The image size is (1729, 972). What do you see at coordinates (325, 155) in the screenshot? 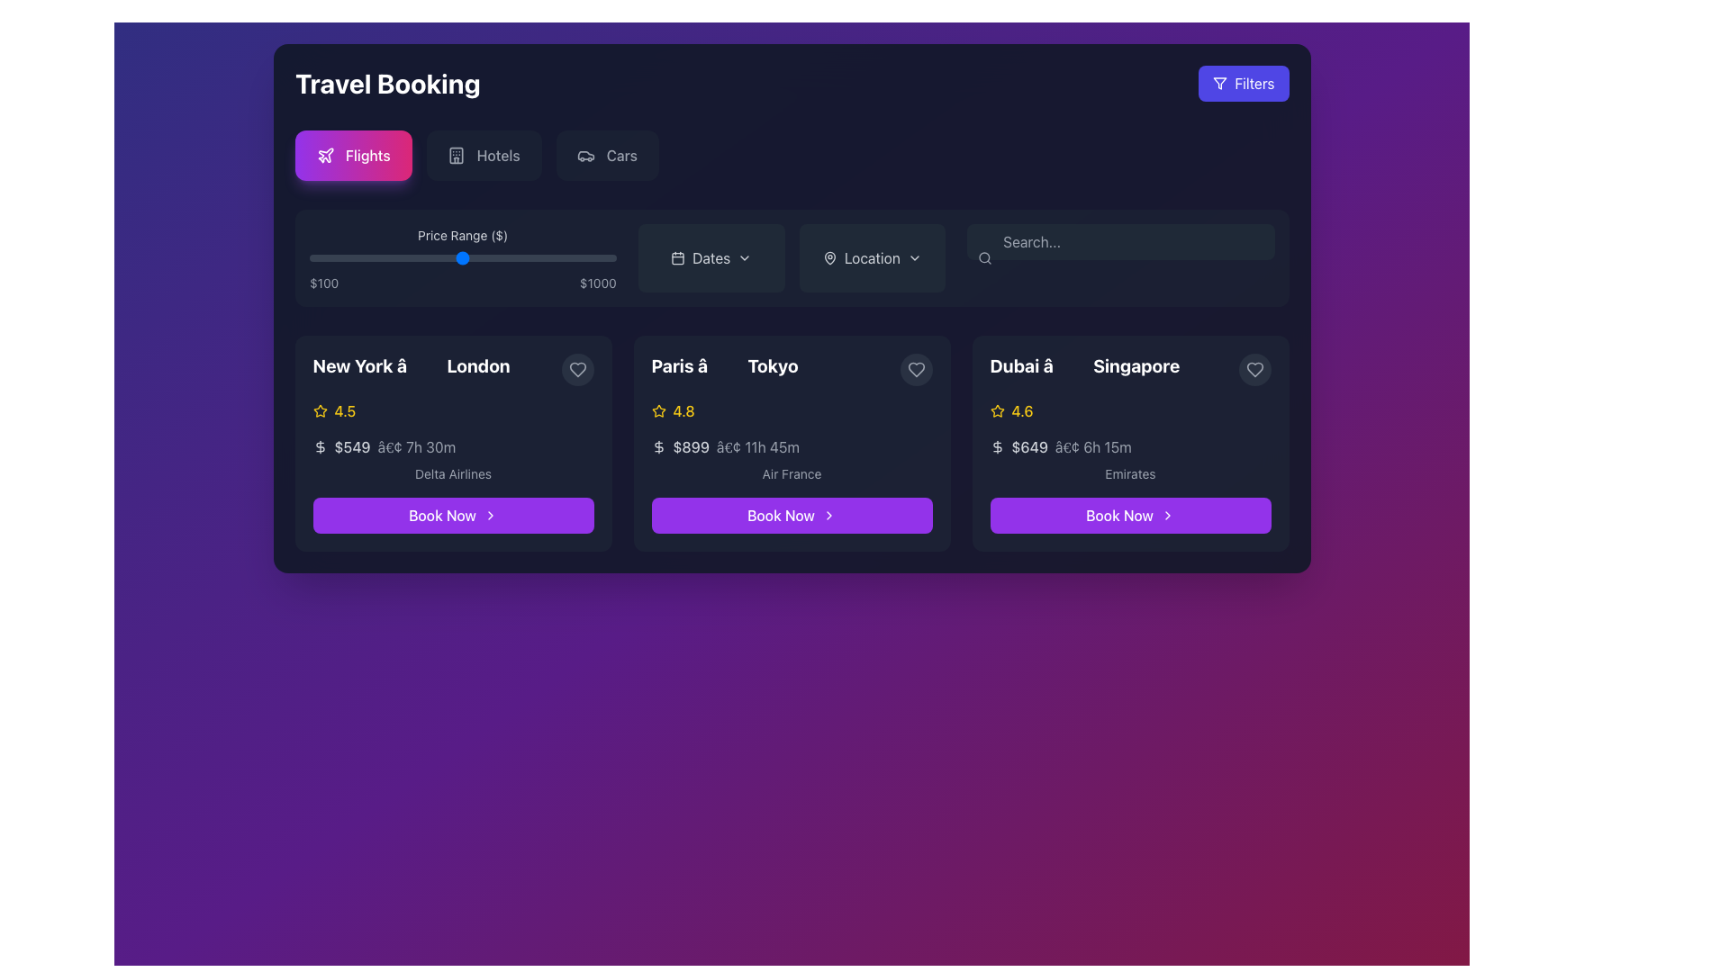
I see `the 'Flights' icon located to the left of the 'Flights' text, which visually represents air travel functionality` at bounding box center [325, 155].